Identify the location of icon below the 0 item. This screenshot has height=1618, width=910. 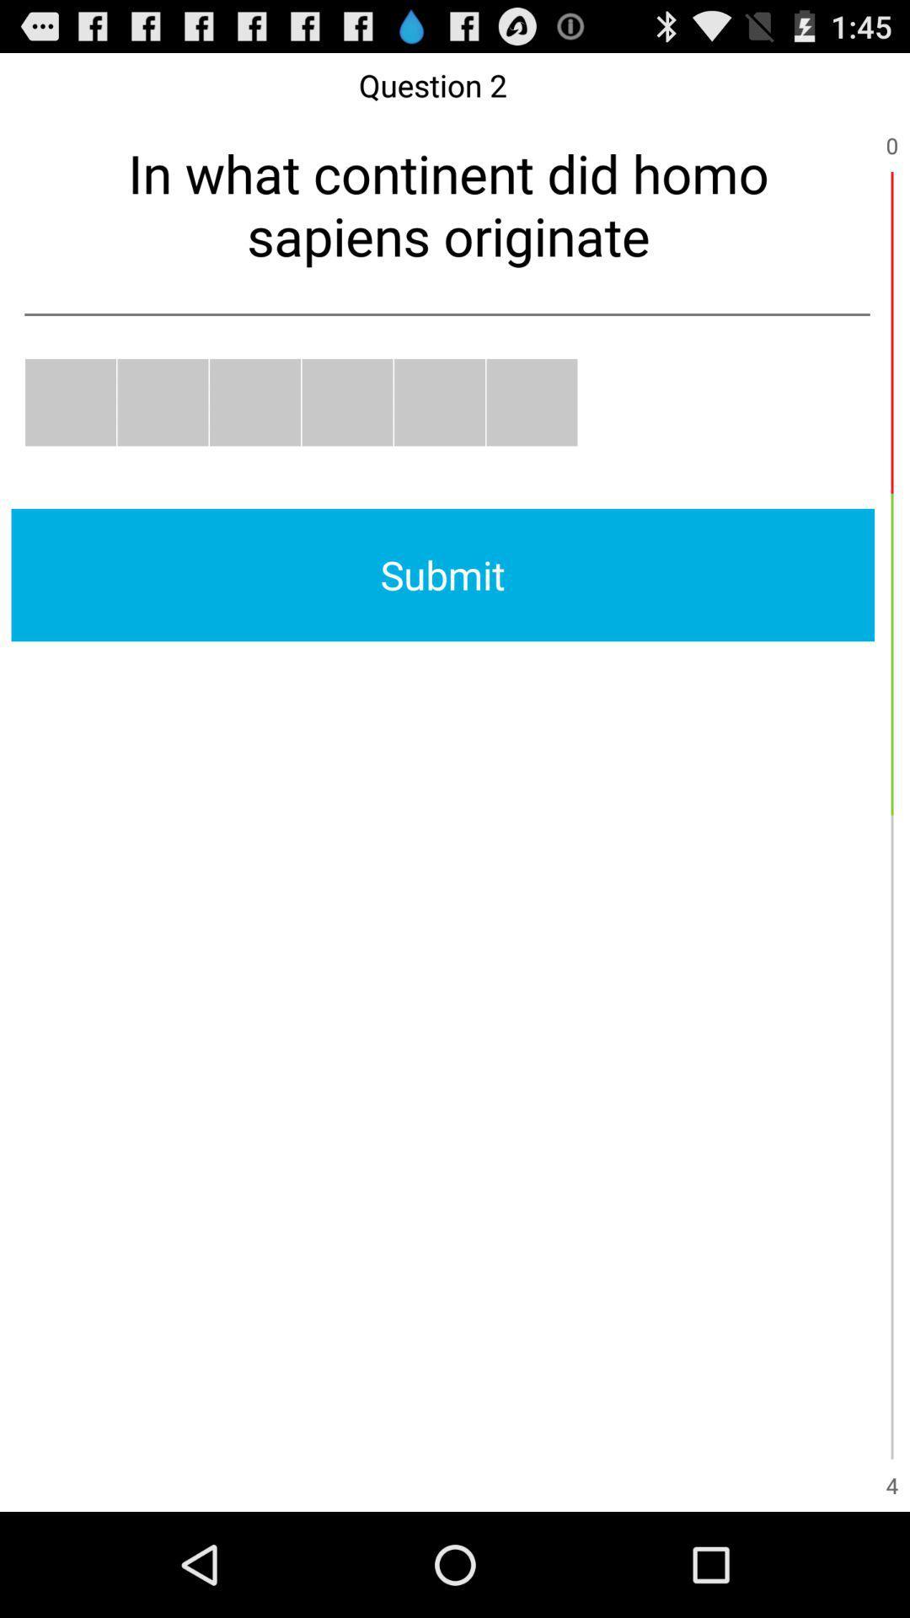
(891, 332).